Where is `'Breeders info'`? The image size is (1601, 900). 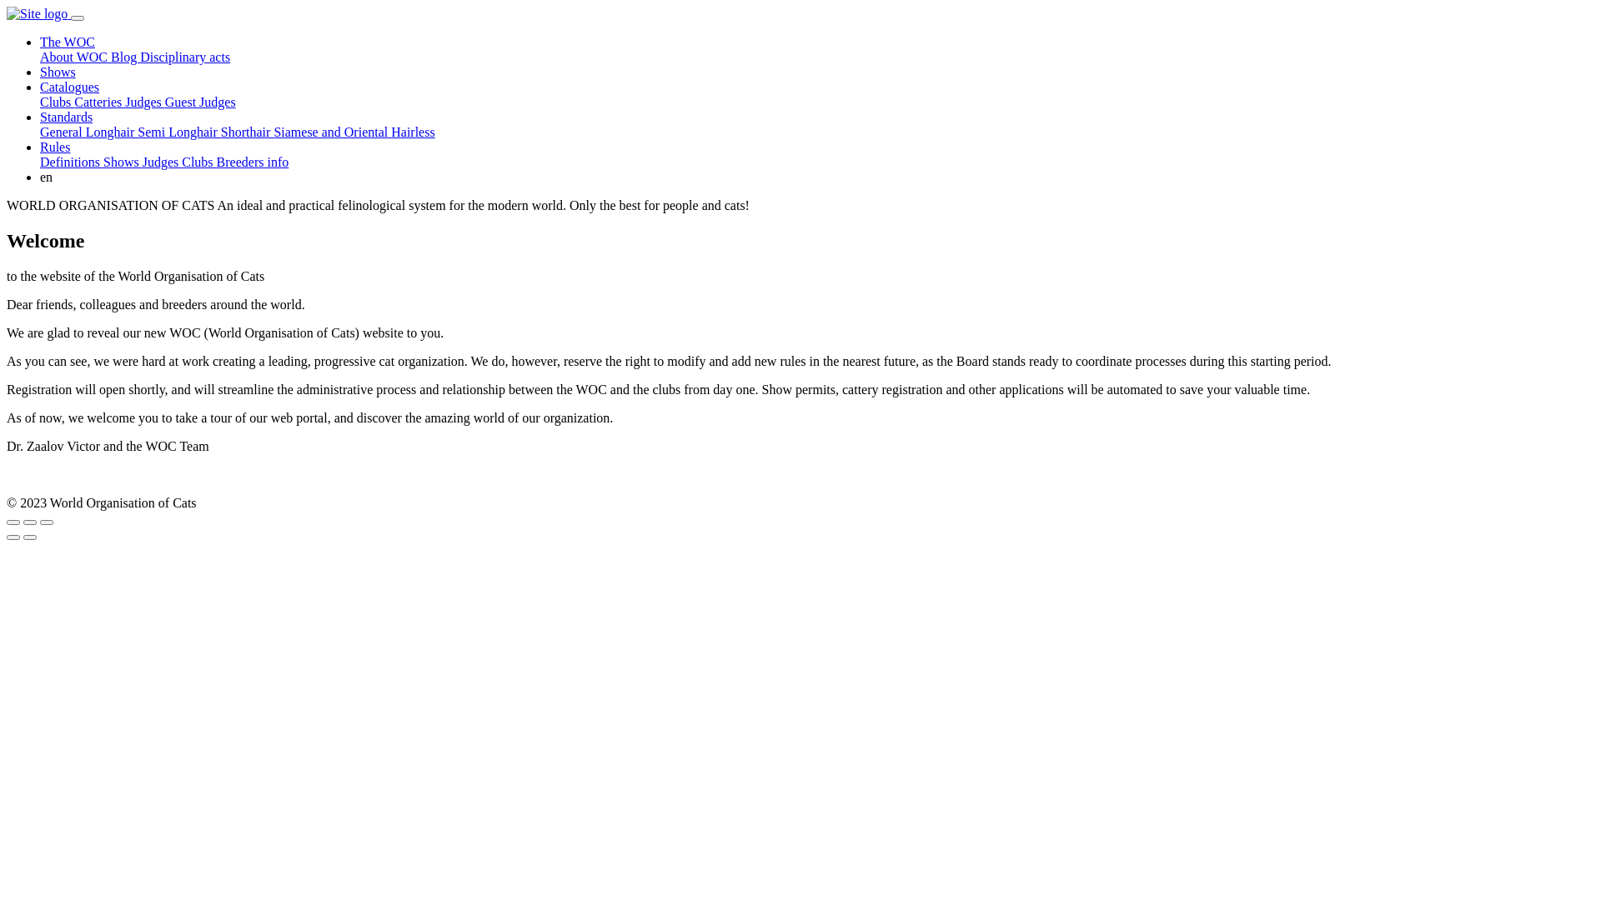 'Breeders info' is located at coordinates (252, 162).